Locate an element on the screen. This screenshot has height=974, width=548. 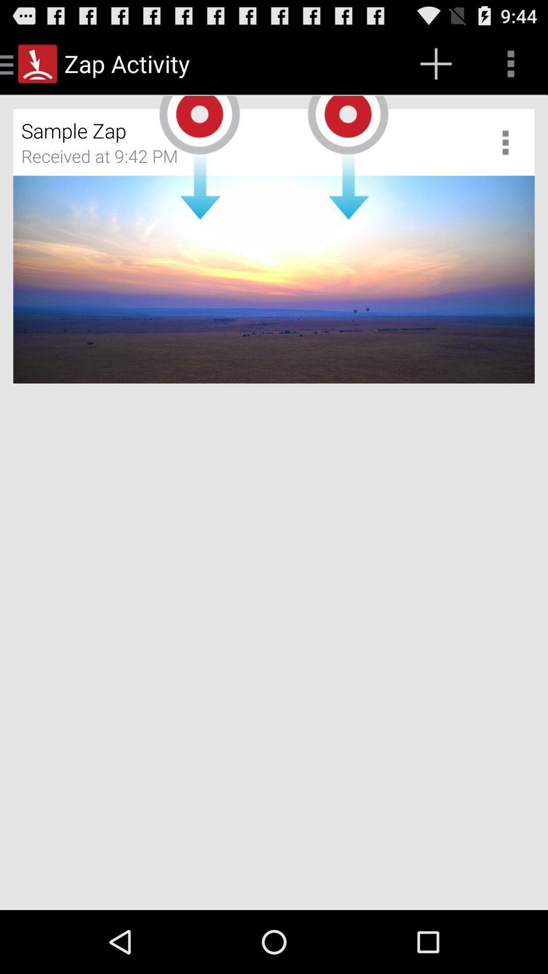
site settings is located at coordinates (509, 142).